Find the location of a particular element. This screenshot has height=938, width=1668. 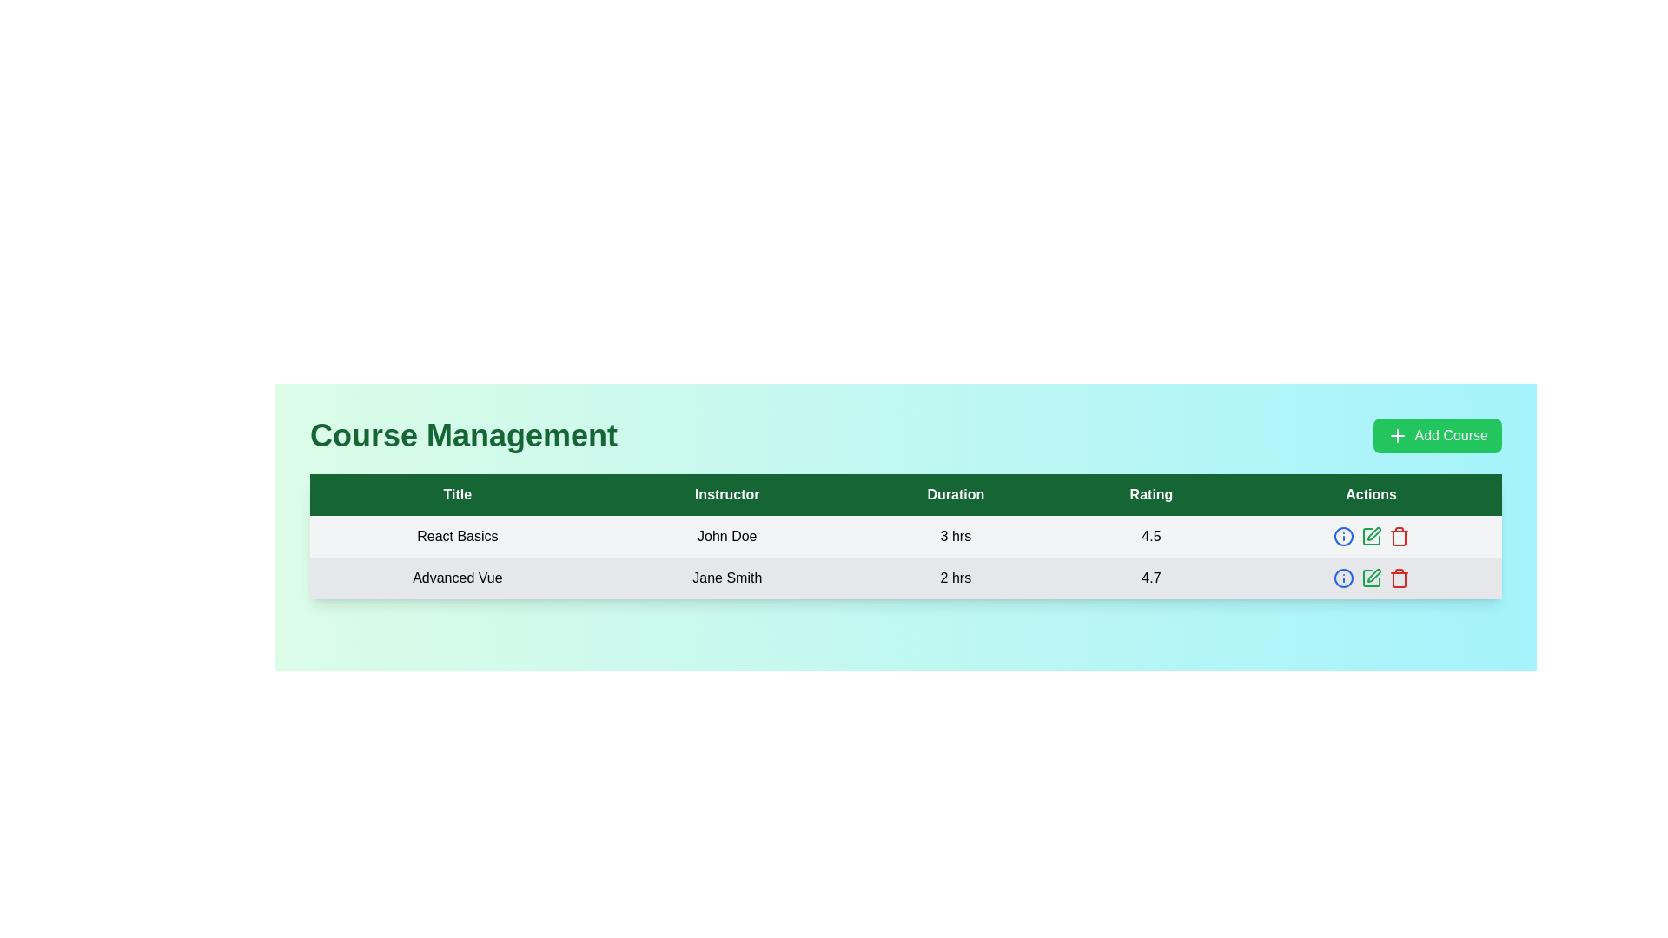

the 'Duration' text label in the table cell for the 'Advanced Vue' course associated with 'Jane Smith' is located at coordinates (955, 578).